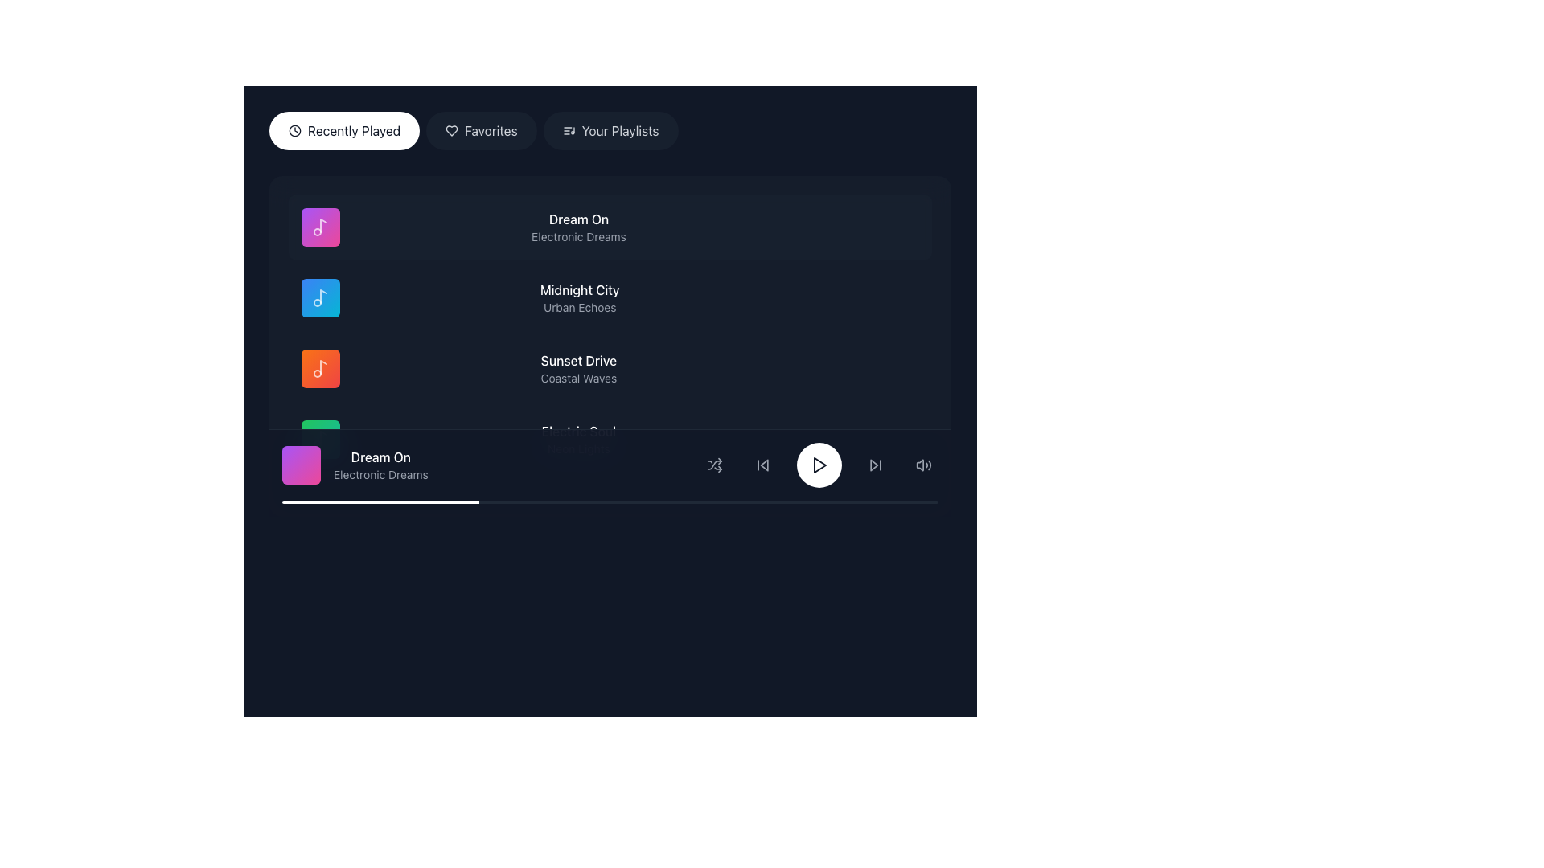 This screenshot has height=868, width=1544. I want to click on the 'Favorites' icon, which serves as a visual indicator for the 'Favorites' feature, located to the left of the text label 'Favorites', so click(451, 129).